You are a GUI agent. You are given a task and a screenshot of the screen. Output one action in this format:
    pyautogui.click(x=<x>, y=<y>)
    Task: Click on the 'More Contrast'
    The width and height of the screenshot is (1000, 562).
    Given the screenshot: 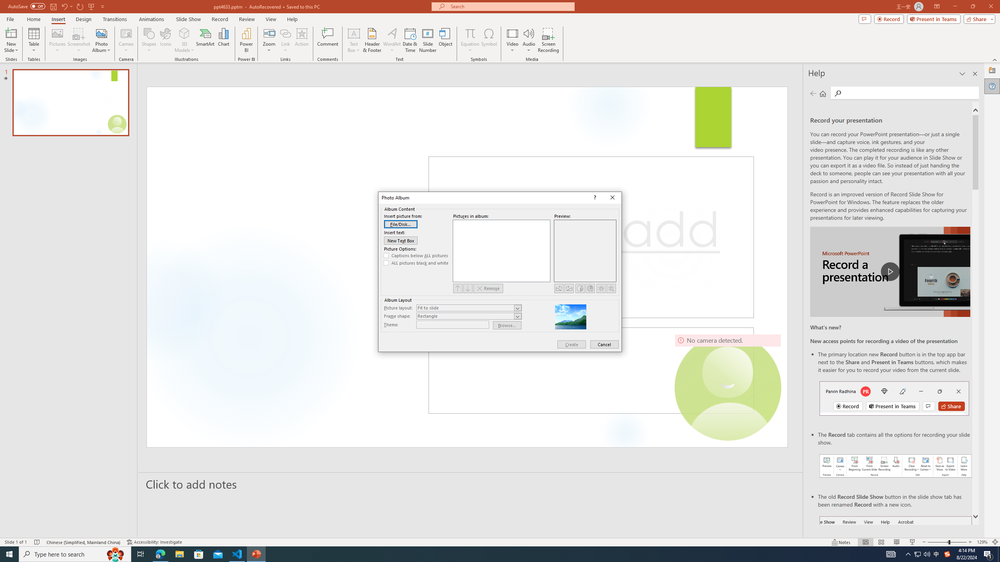 What is the action you would take?
    pyautogui.click(x=579, y=288)
    